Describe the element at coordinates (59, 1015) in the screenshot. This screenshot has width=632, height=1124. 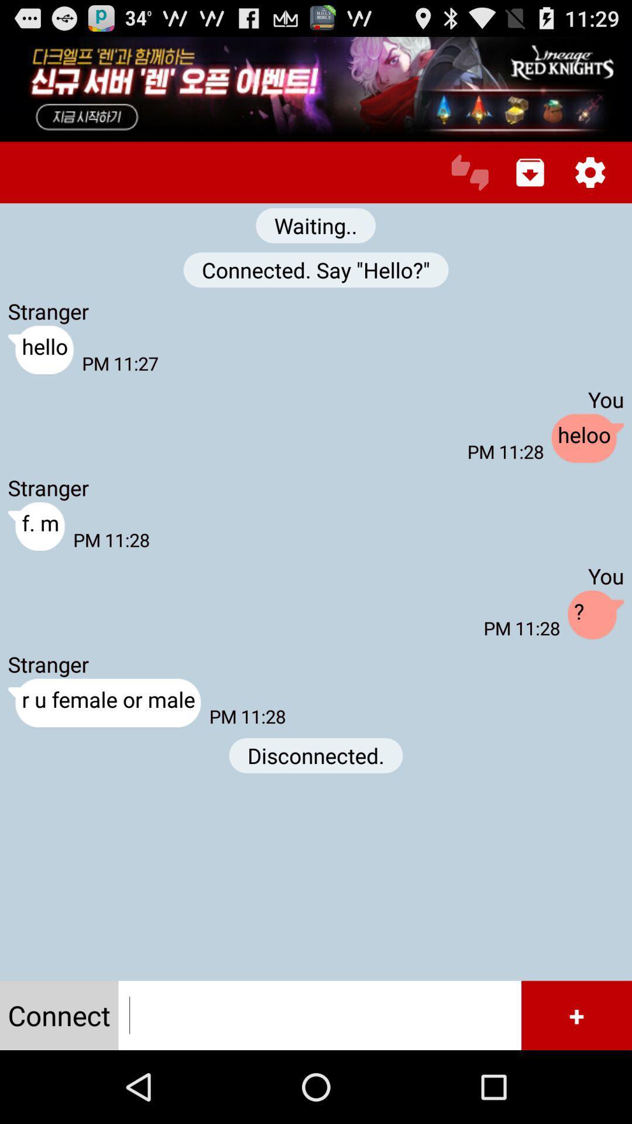
I see `icon at the bottom left corner` at that location.